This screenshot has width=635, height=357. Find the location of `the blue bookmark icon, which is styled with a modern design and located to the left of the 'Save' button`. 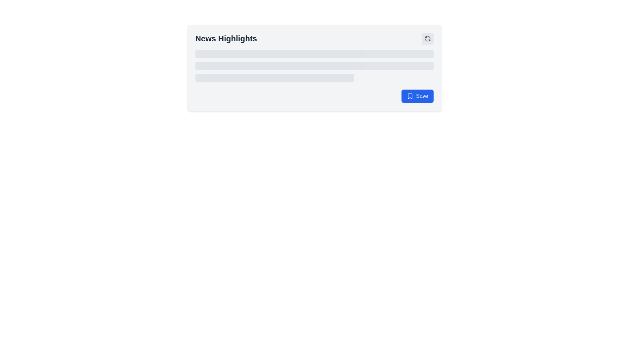

the blue bookmark icon, which is styled with a modern design and located to the left of the 'Save' button is located at coordinates (409, 96).